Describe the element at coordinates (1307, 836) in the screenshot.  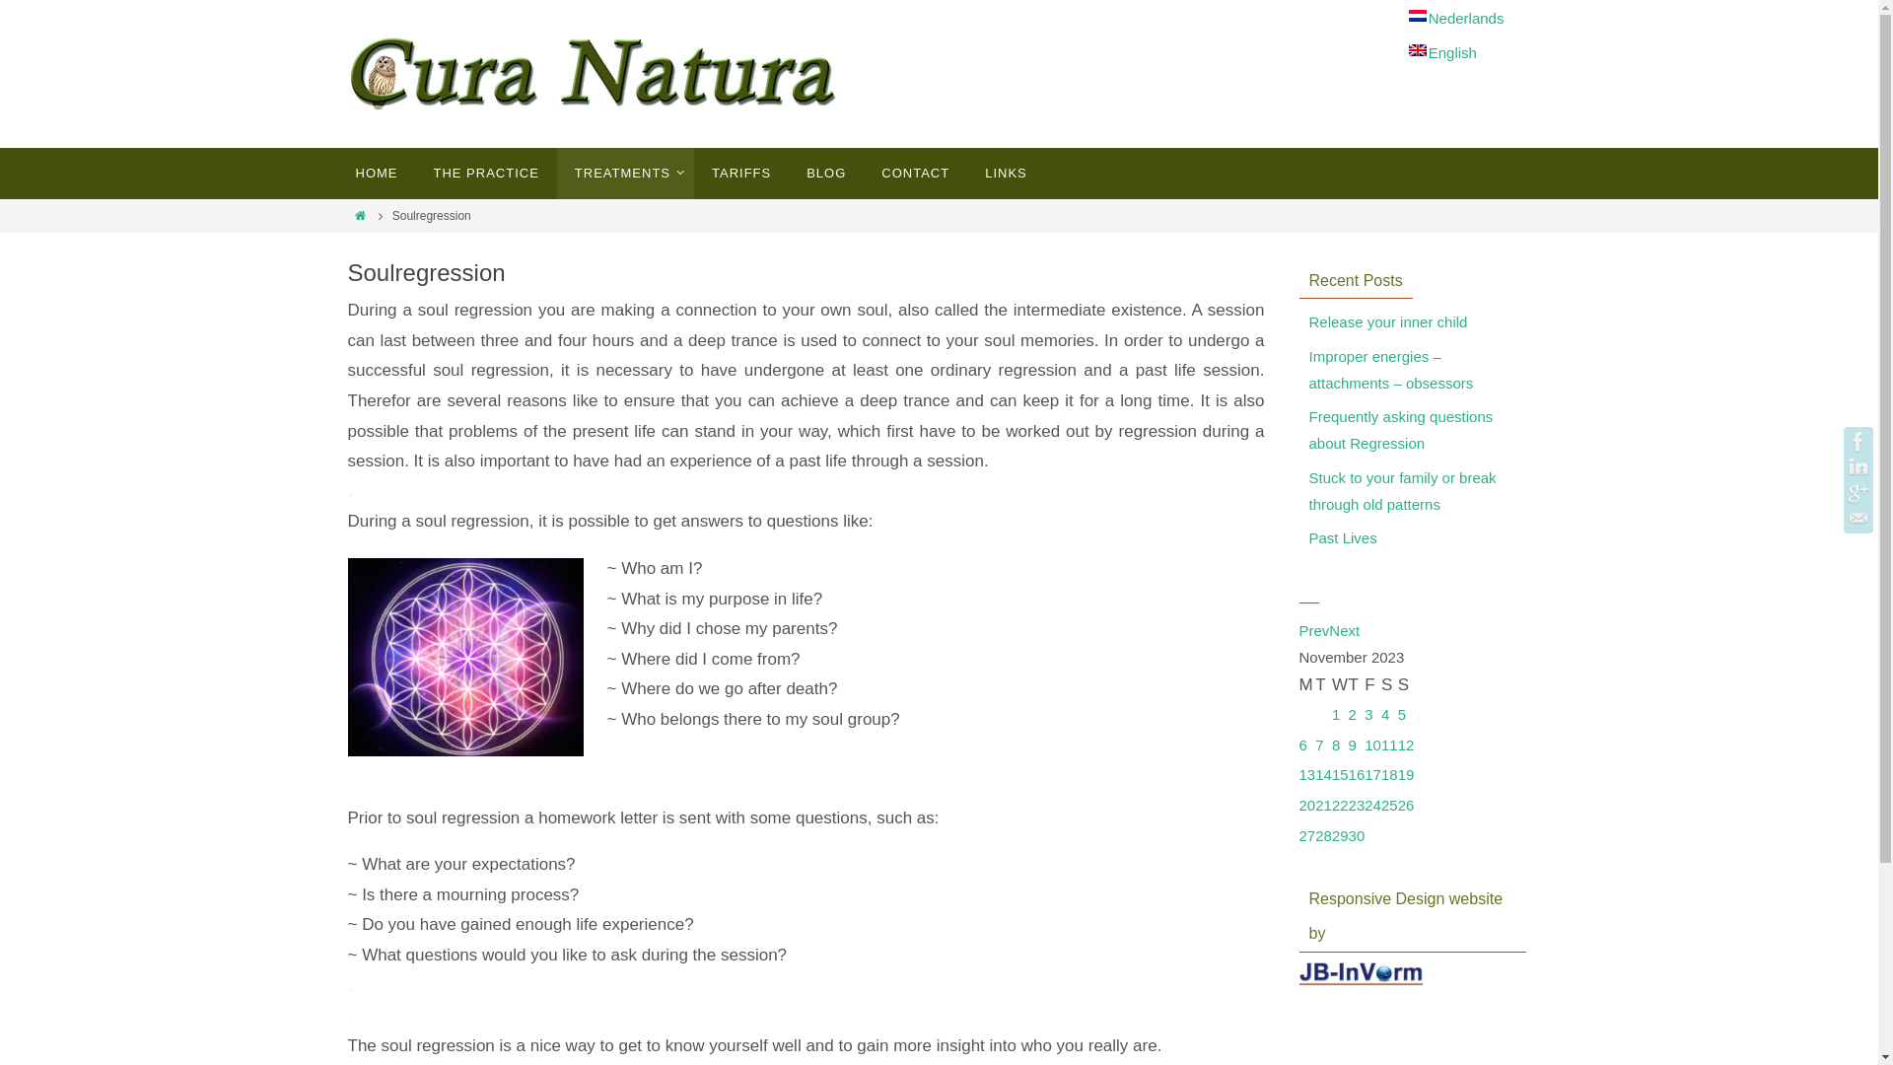
I see `'27'` at that location.